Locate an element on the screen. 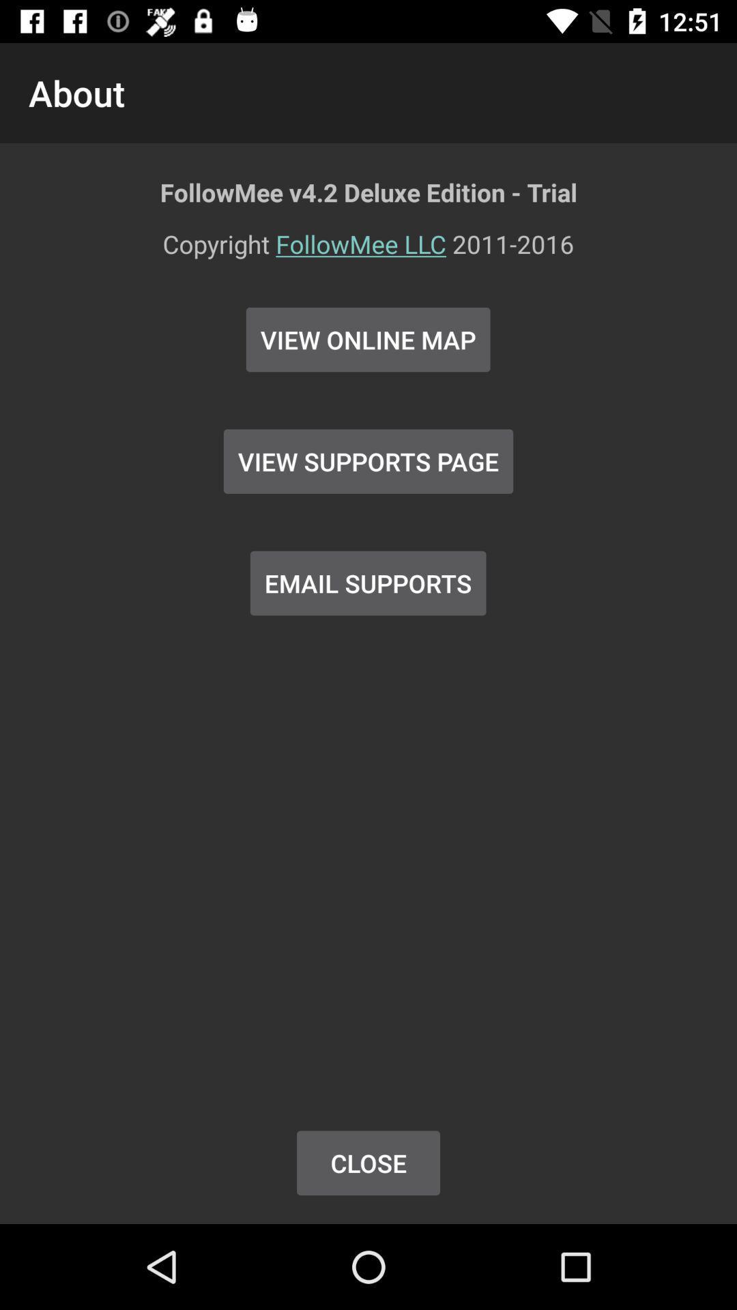  item above close item is located at coordinates (367, 583).